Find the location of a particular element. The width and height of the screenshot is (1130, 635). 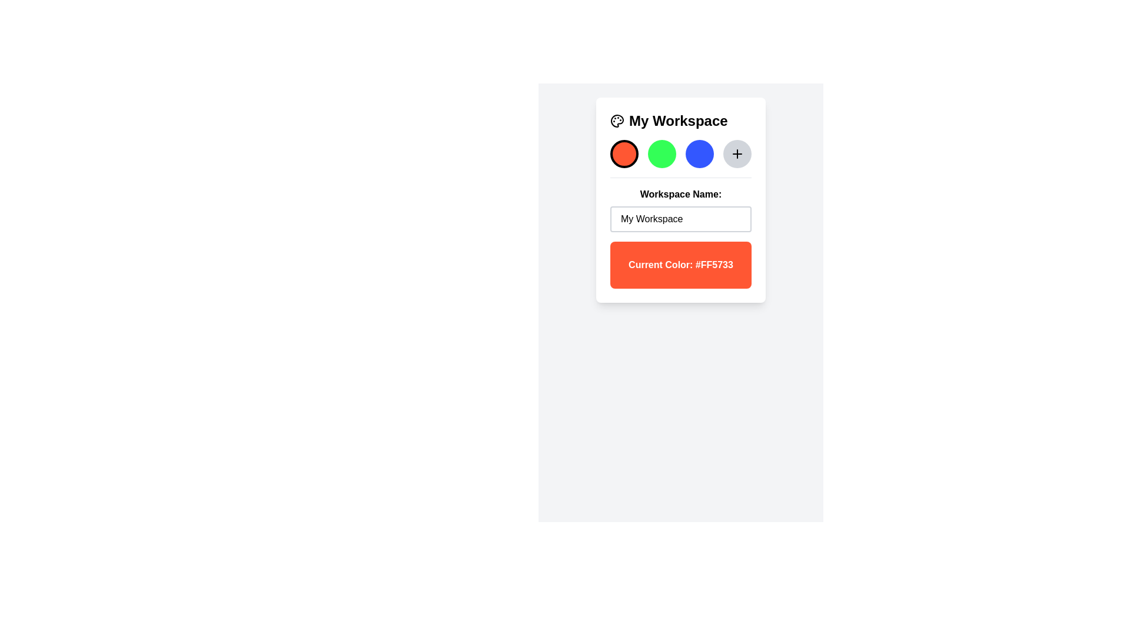

the Text Display Block that shows the currently selected color is located at coordinates (680, 265).